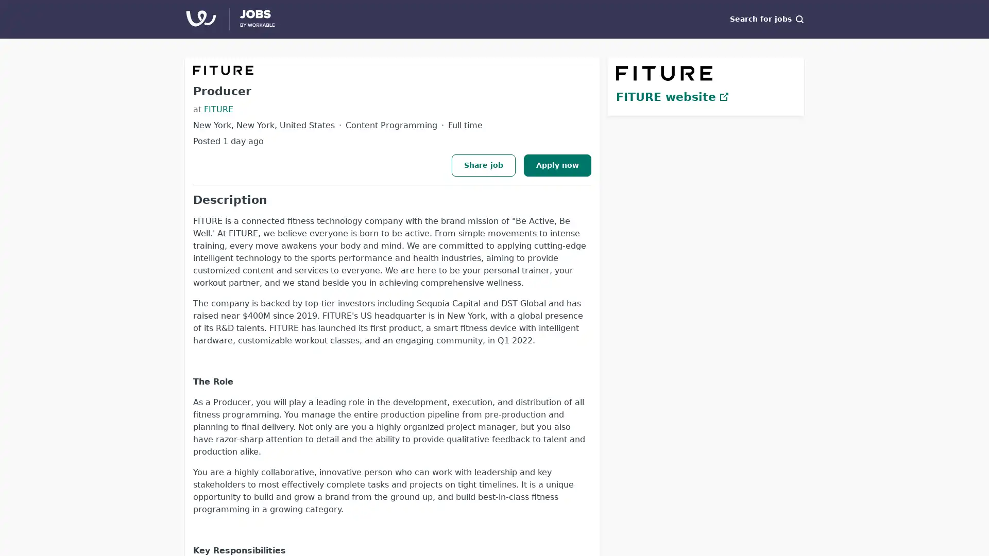 The height and width of the screenshot is (556, 989). I want to click on Apply now, so click(557, 164).